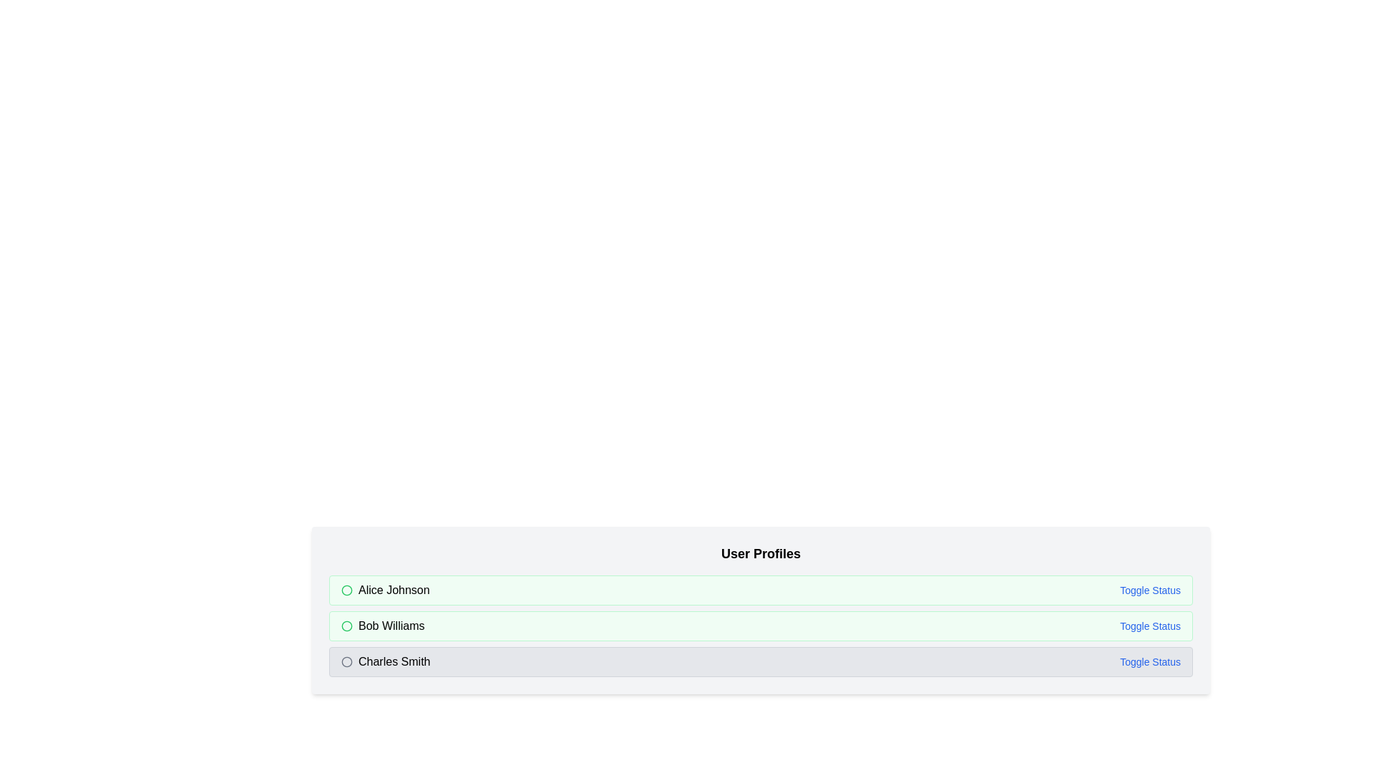 The height and width of the screenshot is (773, 1374). Describe the element at coordinates (346, 590) in the screenshot. I see `the first circular status indicator icon to the left of the text 'Alice Johnson' for its active or selected state` at that location.